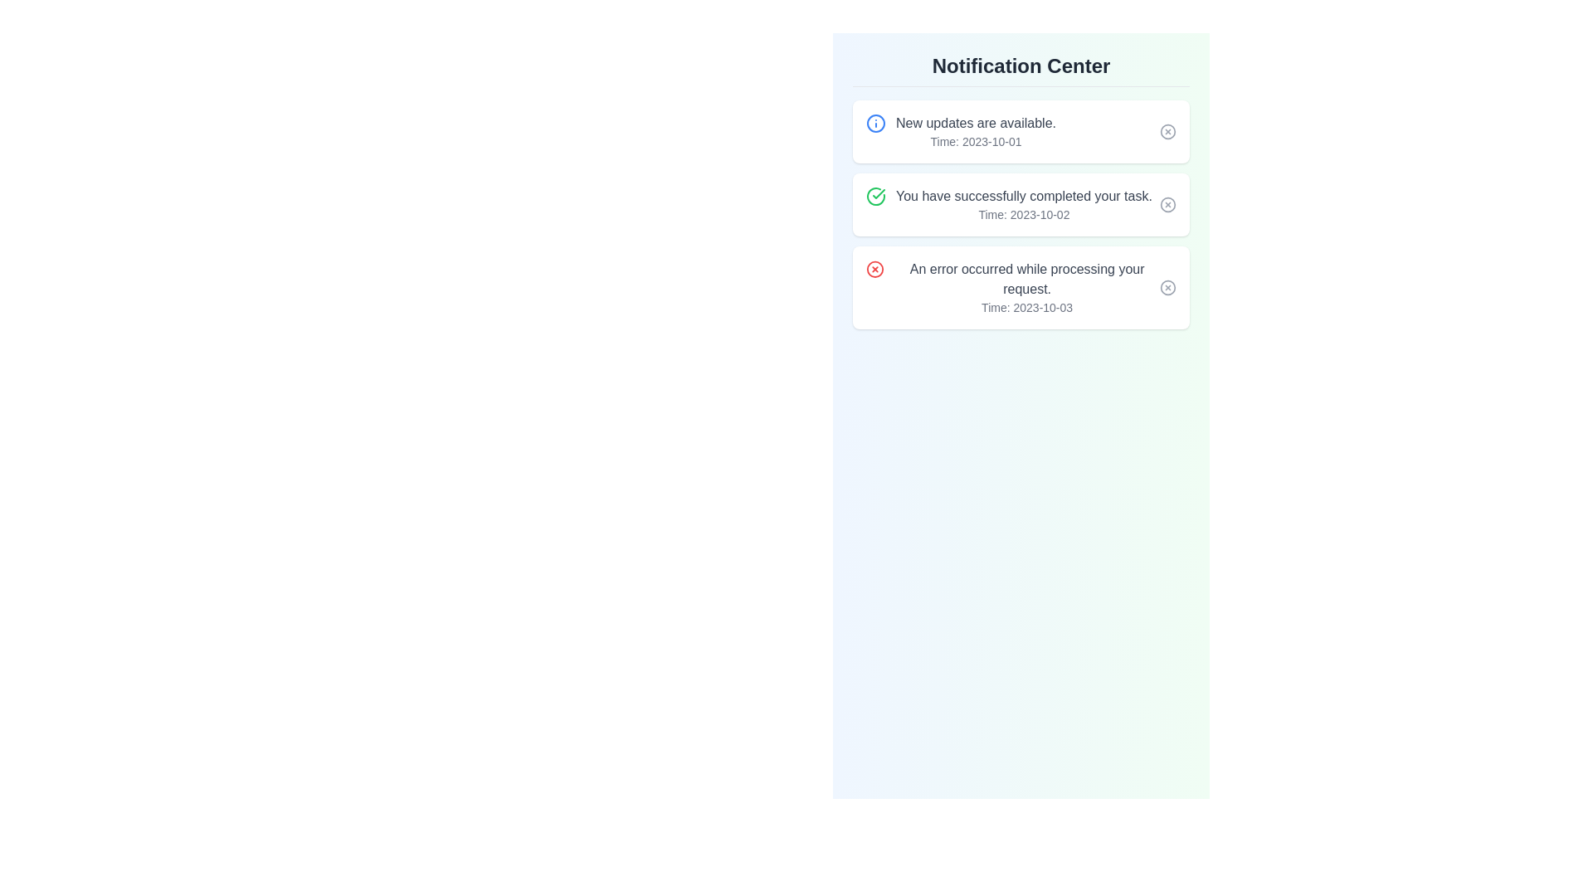 The width and height of the screenshot is (1593, 896). Describe the element at coordinates (875, 195) in the screenshot. I see `the visual confirmation icon located in the notification list, positioned to the left of the text 'You have successfully completed your task.'` at that location.